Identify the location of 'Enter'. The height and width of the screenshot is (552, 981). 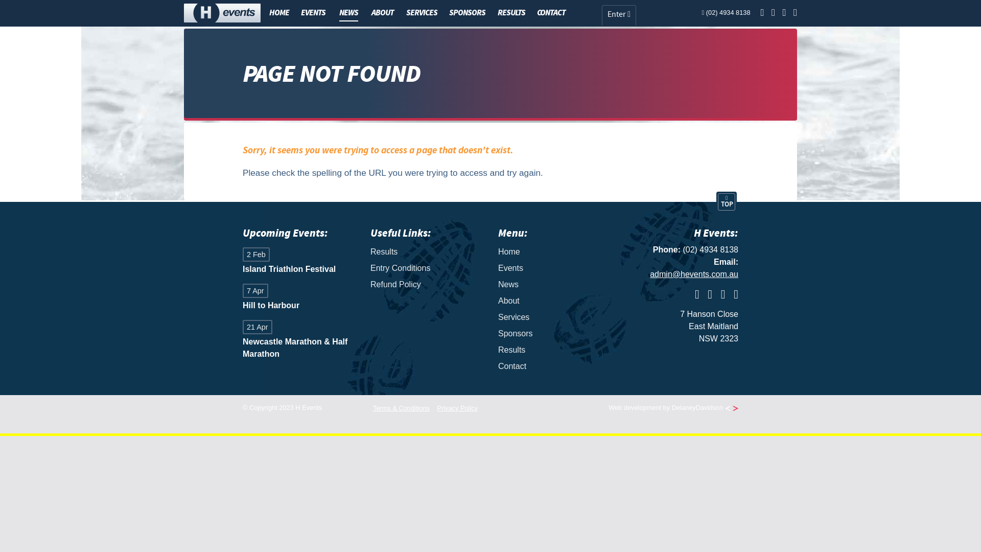
(618, 15).